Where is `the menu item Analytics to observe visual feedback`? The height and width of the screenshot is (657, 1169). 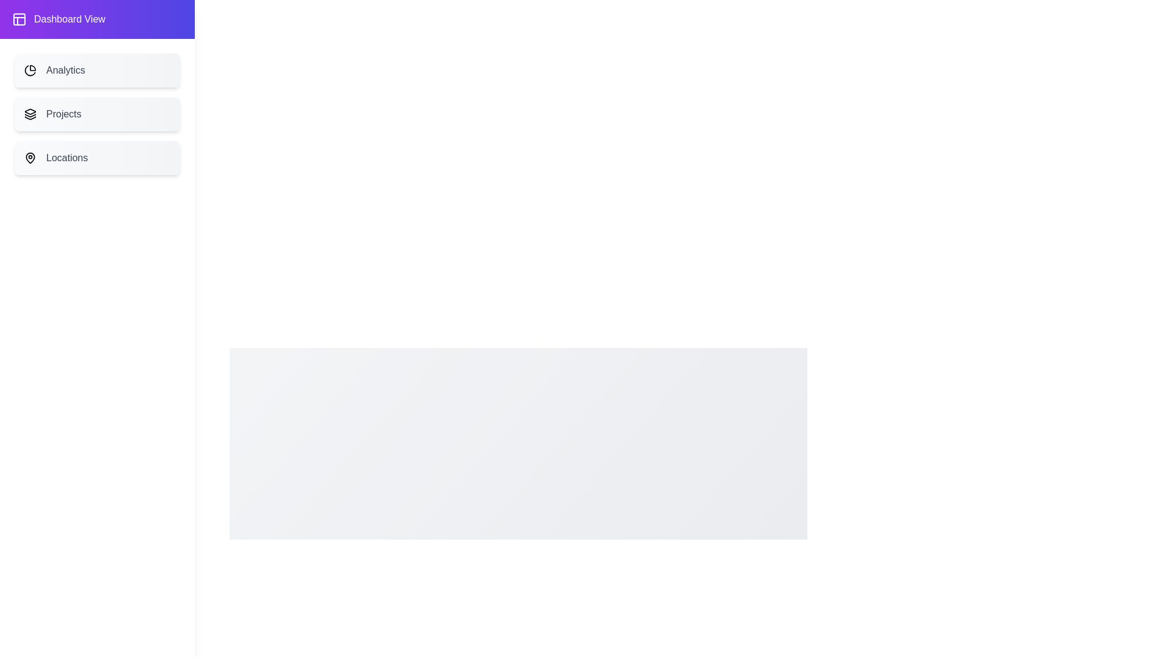
the menu item Analytics to observe visual feedback is located at coordinates (96, 70).